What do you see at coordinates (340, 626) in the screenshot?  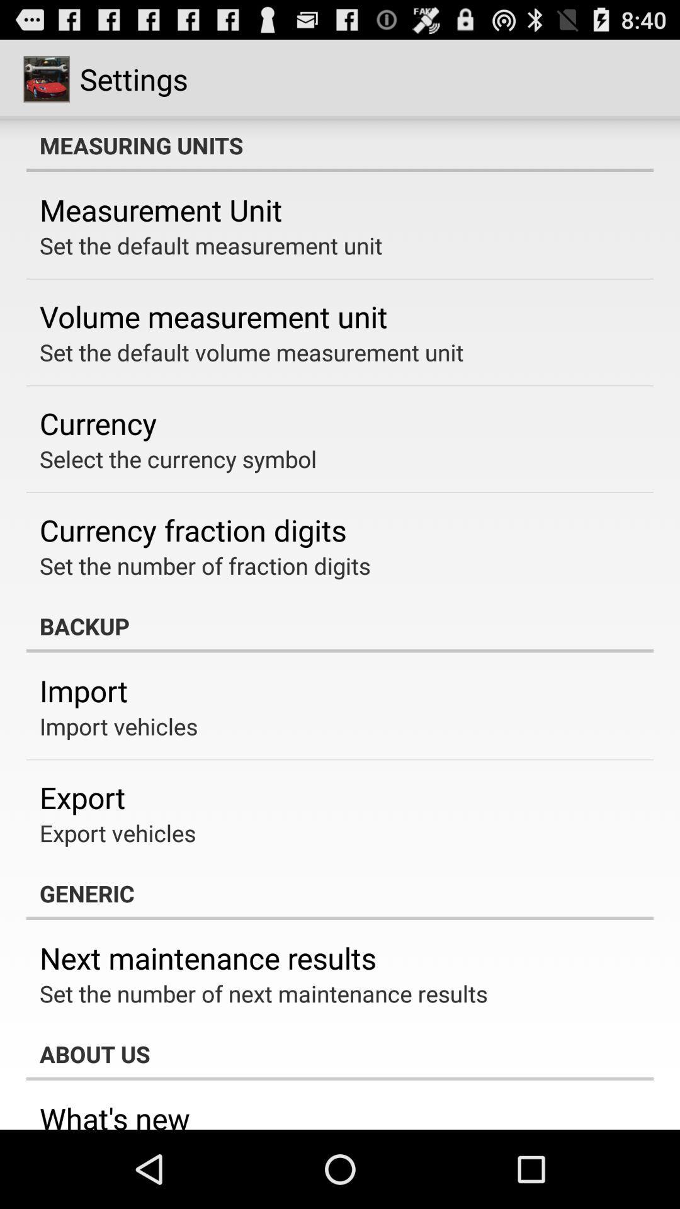 I see `item below the set the number` at bounding box center [340, 626].